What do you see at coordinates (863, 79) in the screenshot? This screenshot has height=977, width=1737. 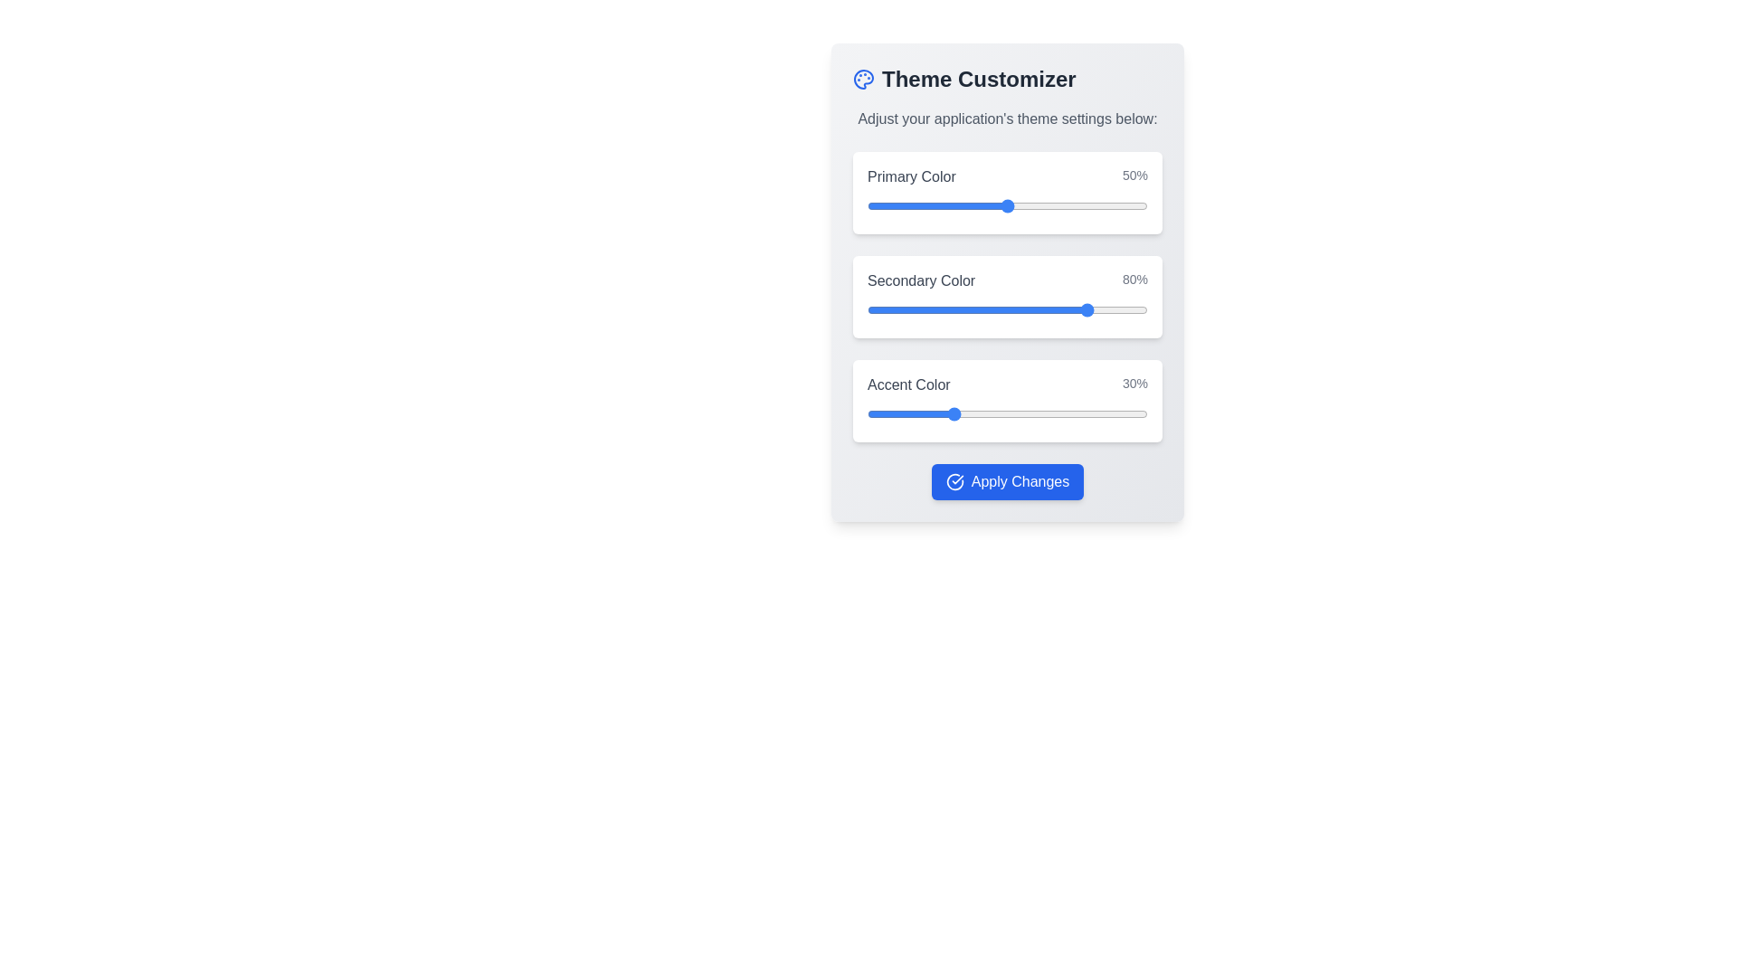 I see `the painter's palette icon located to the left of the 'Theme Customizer' text in the settings panel's title area` at bounding box center [863, 79].